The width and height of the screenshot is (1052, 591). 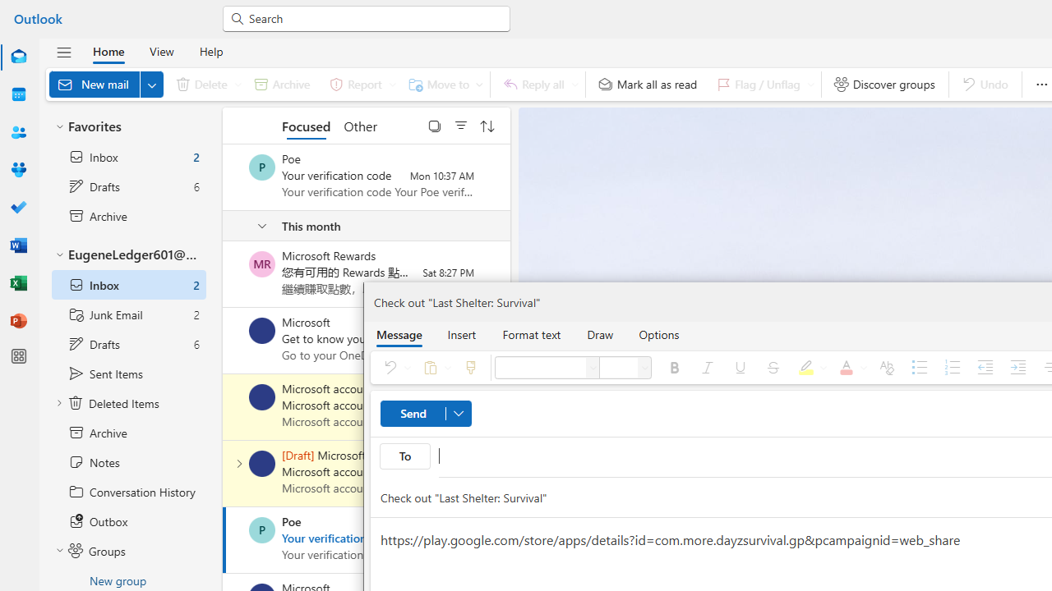 I want to click on 'Mail', so click(x=19, y=56).